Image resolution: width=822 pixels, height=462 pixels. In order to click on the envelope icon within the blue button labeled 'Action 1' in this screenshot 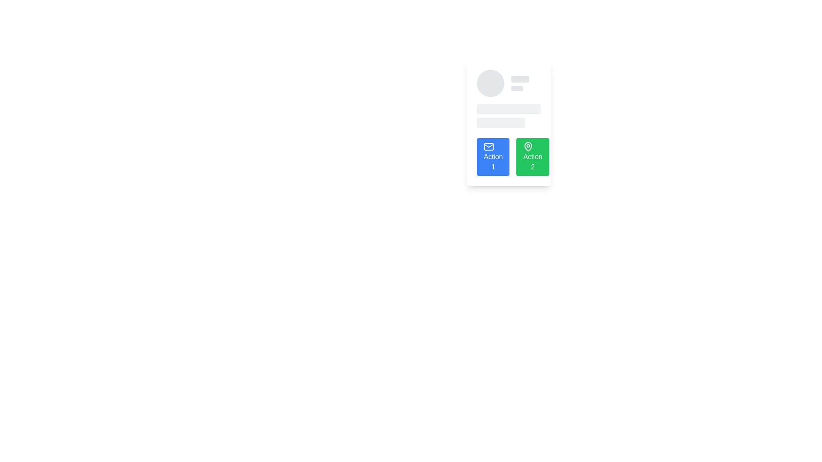, I will do `click(489, 146)`.